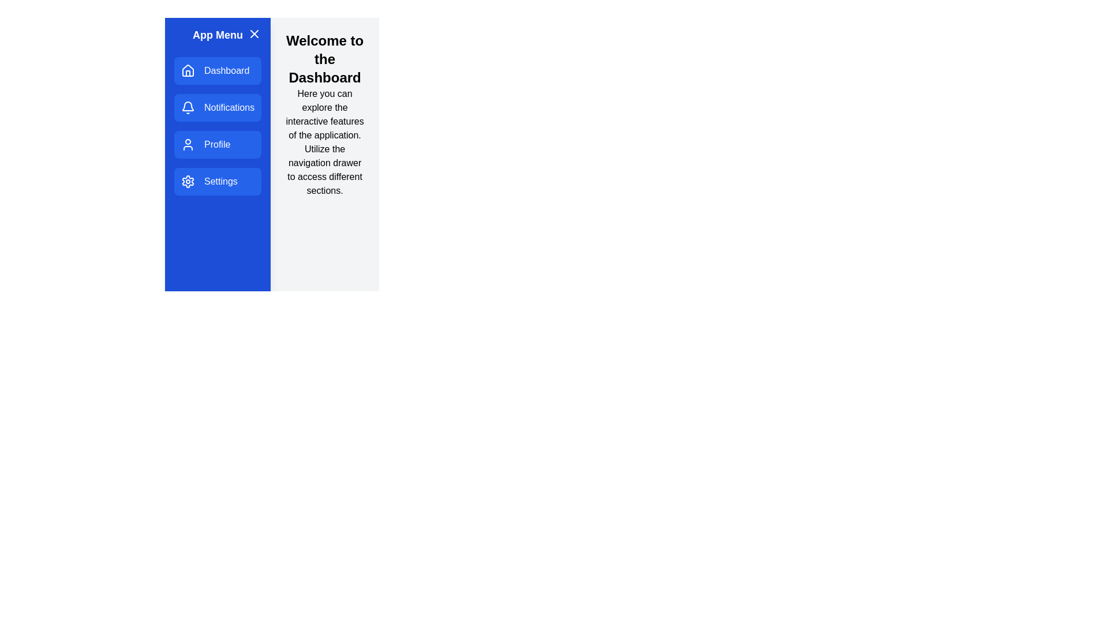 This screenshot has height=623, width=1108. Describe the element at coordinates (254, 33) in the screenshot. I see `the close button represented by a white cross on a blue background located at the top-right corner of the sidebar menu` at that location.